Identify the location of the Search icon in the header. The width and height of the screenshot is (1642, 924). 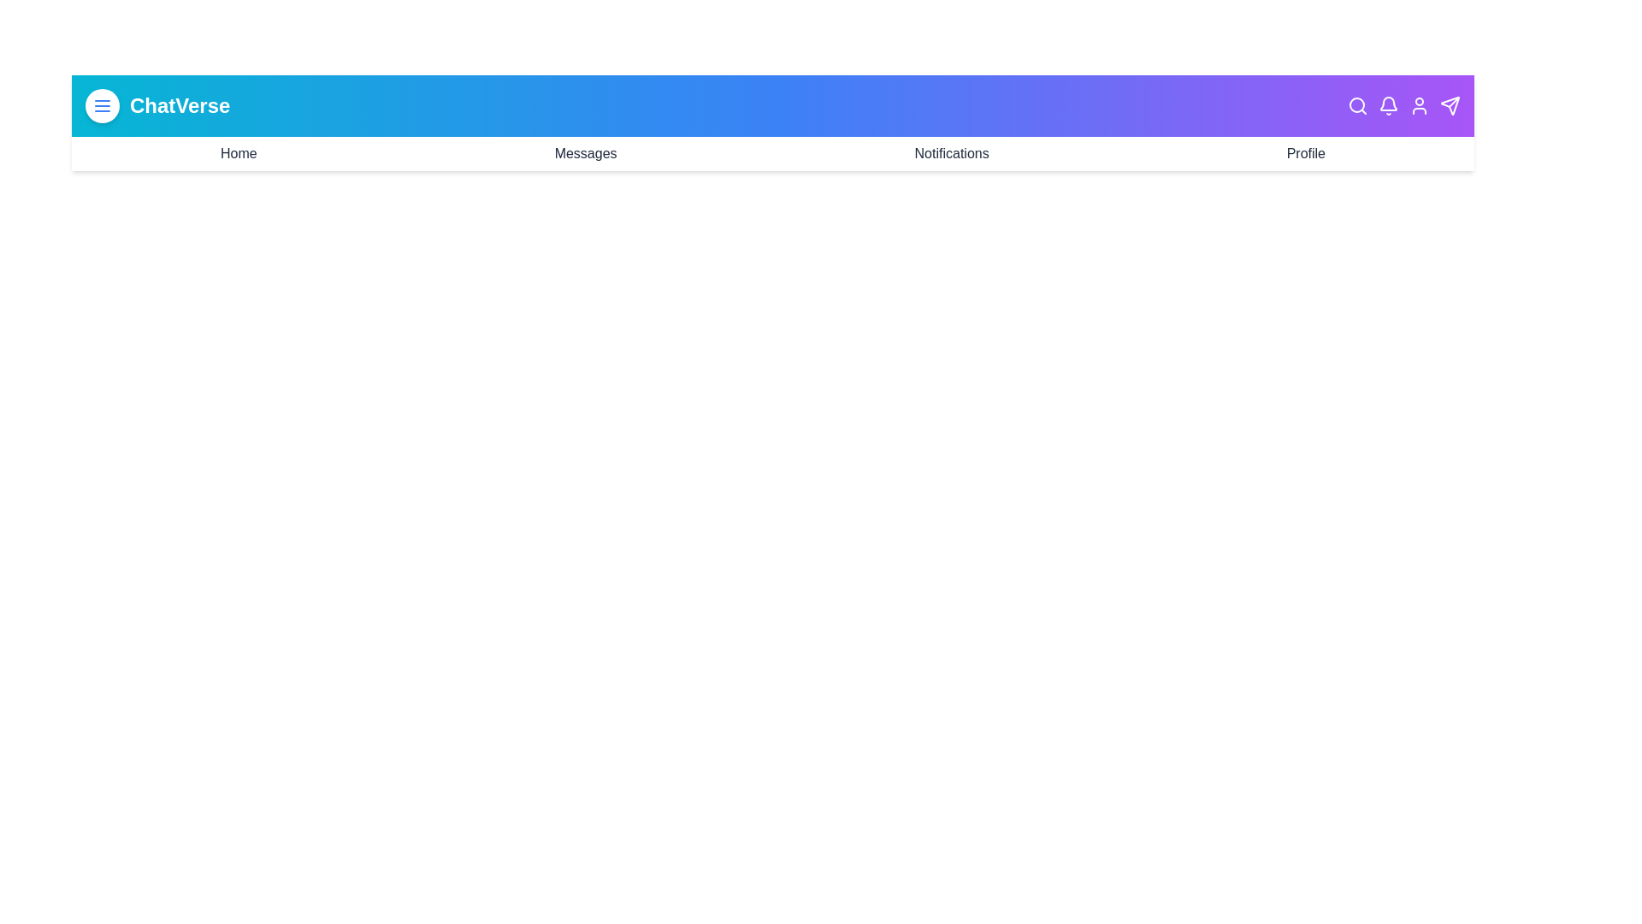
(1357, 105).